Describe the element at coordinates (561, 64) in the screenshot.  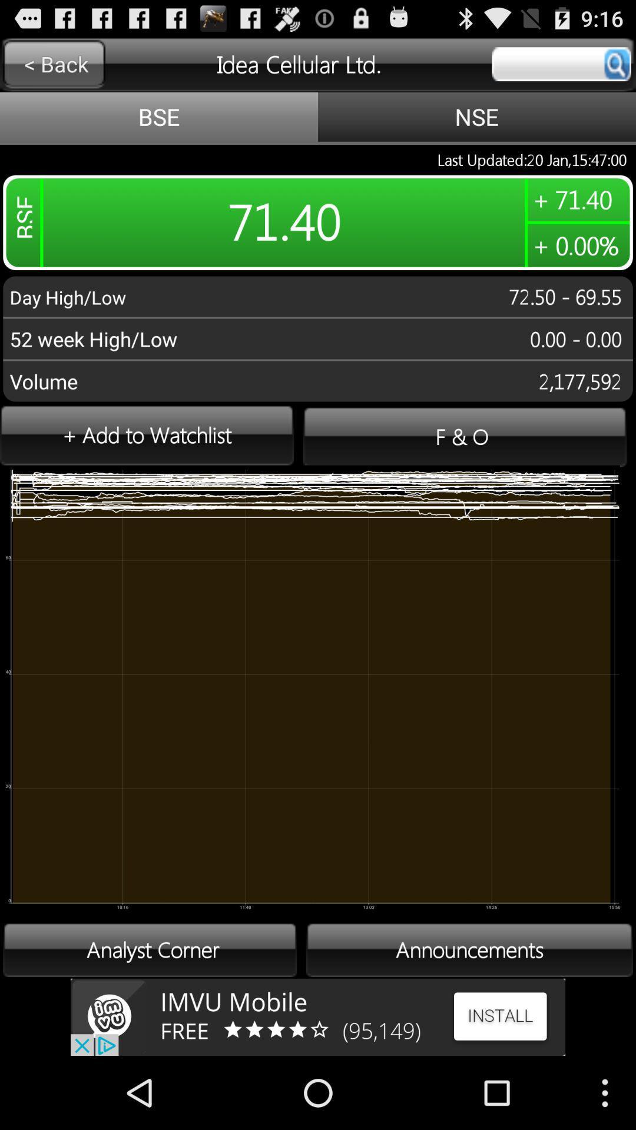
I see `search bar` at that location.